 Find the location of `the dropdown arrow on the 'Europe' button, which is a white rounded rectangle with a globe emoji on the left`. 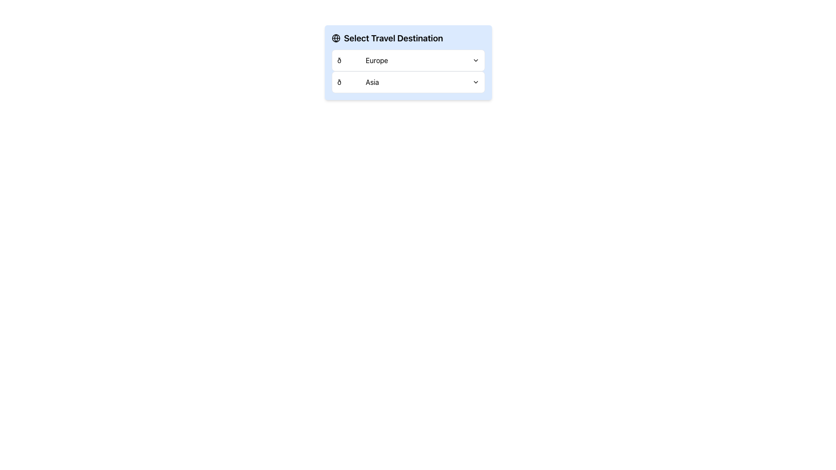

the dropdown arrow on the 'Europe' button, which is a white rounded rectangle with a globe emoji on the left is located at coordinates (408, 60).